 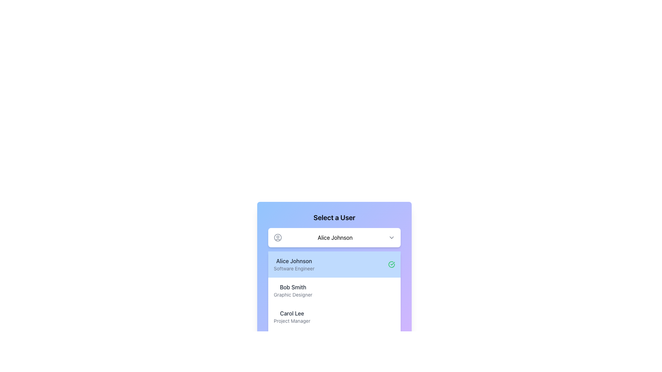 What do you see at coordinates (278, 237) in the screenshot?
I see `the gray circular icon representing a user avatar, located on the left side of 'Alice Johnson' in the user selection dropdown` at bounding box center [278, 237].